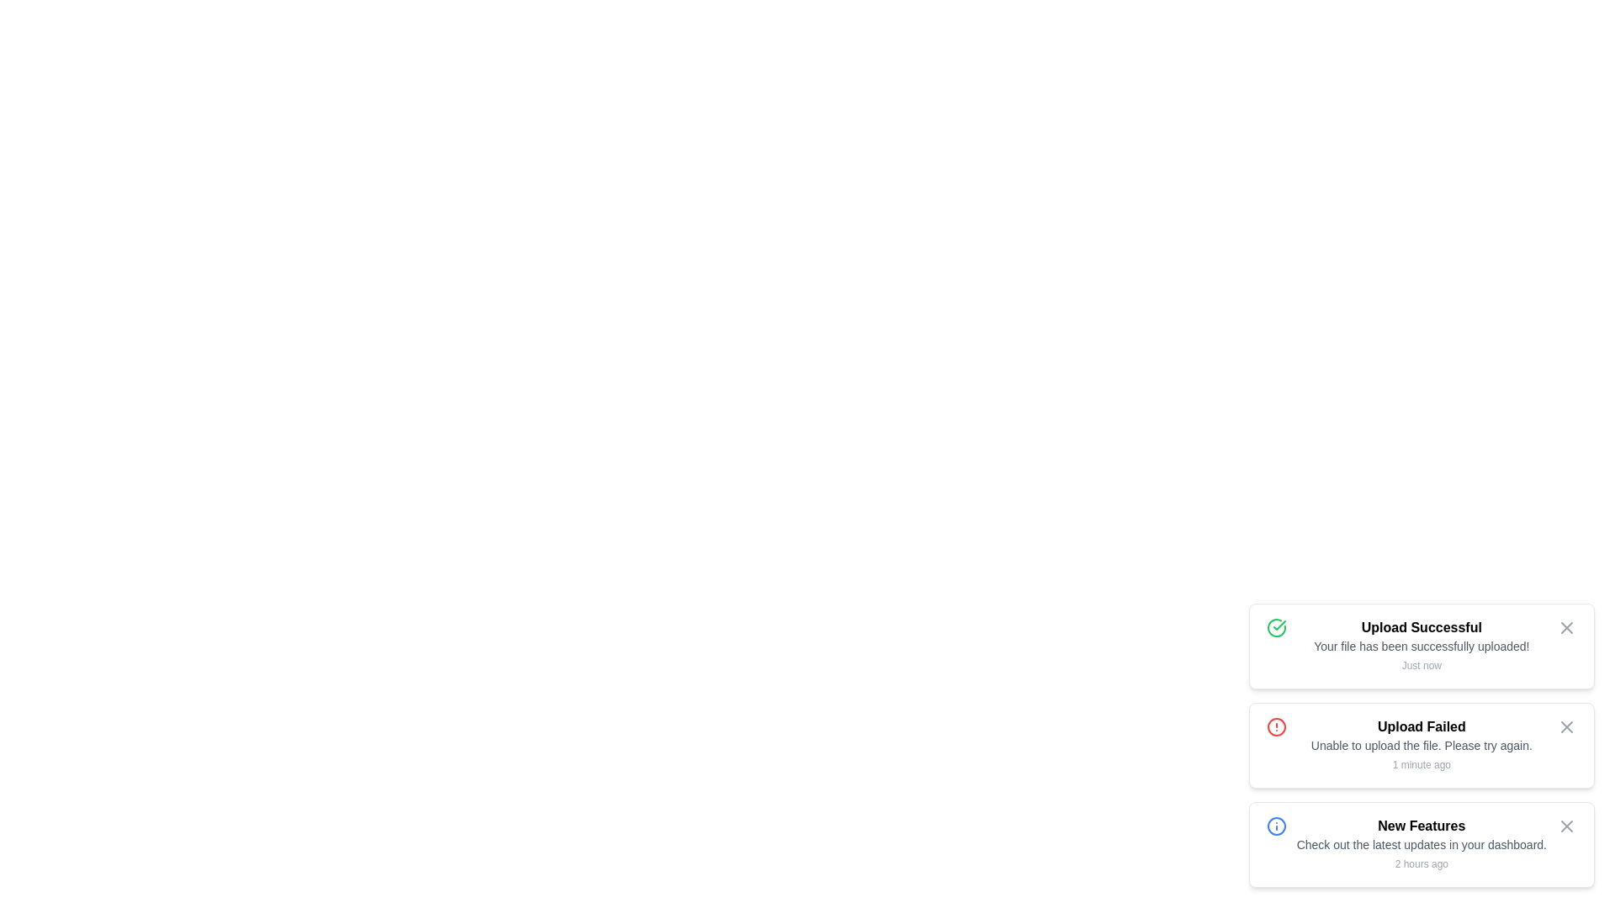 The image size is (1615, 908). Describe the element at coordinates (1421, 845) in the screenshot. I see `the notification with title New Features` at that location.